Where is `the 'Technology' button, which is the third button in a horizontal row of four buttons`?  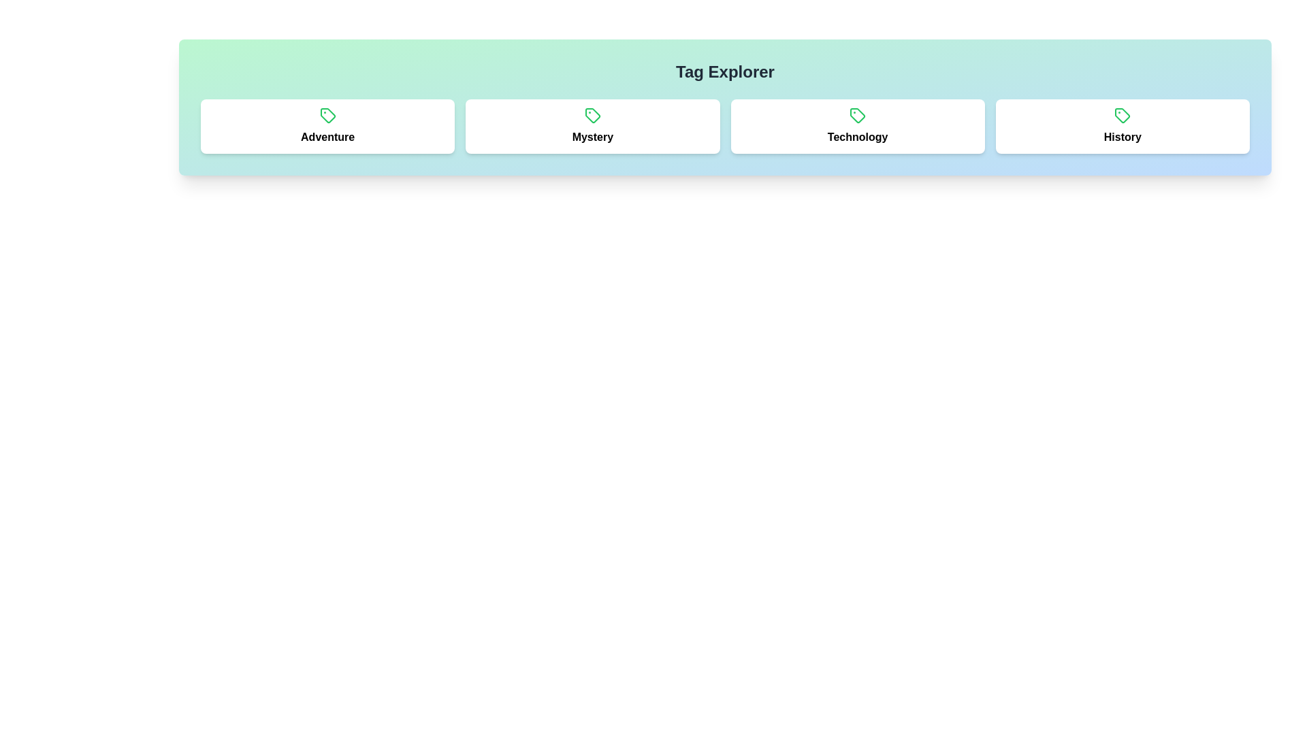 the 'Technology' button, which is the third button in a horizontal row of four buttons is located at coordinates (857, 126).